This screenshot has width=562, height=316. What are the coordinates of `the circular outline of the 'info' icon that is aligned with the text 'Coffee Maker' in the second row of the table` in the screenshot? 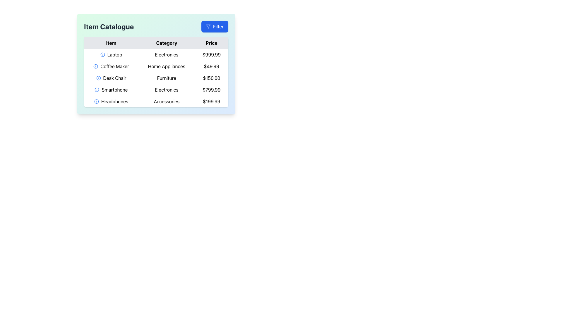 It's located at (96, 66).